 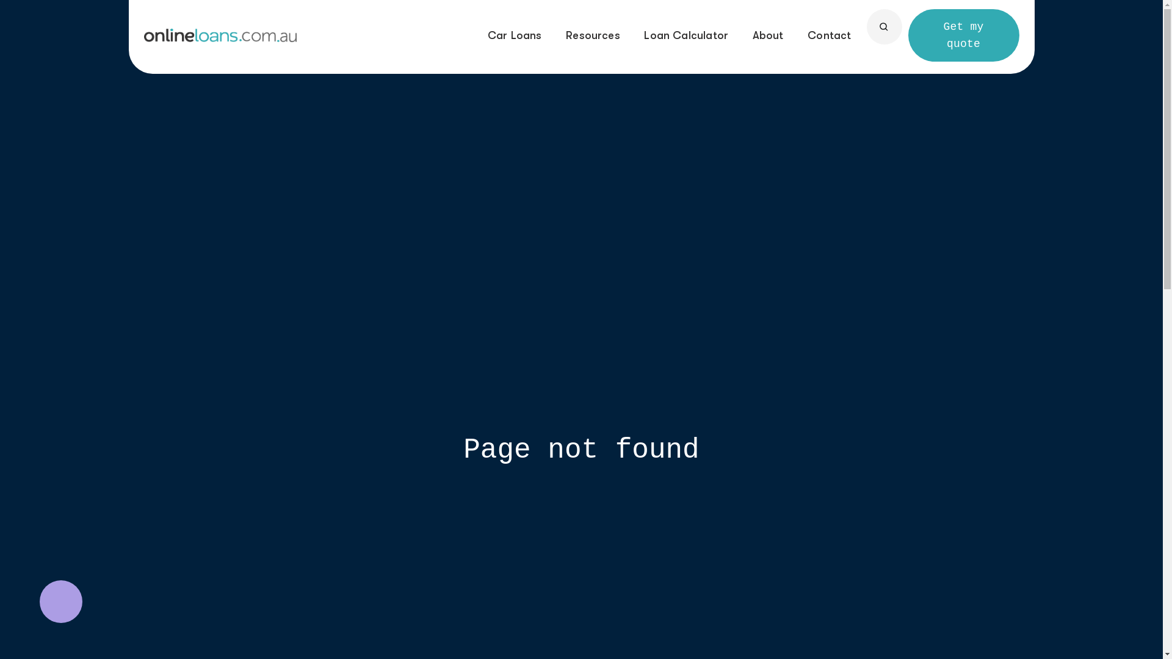 What do you see at coordinates (593, 34) in the screenshot?
I see `'Resources'` at bounding box center [593, 34].